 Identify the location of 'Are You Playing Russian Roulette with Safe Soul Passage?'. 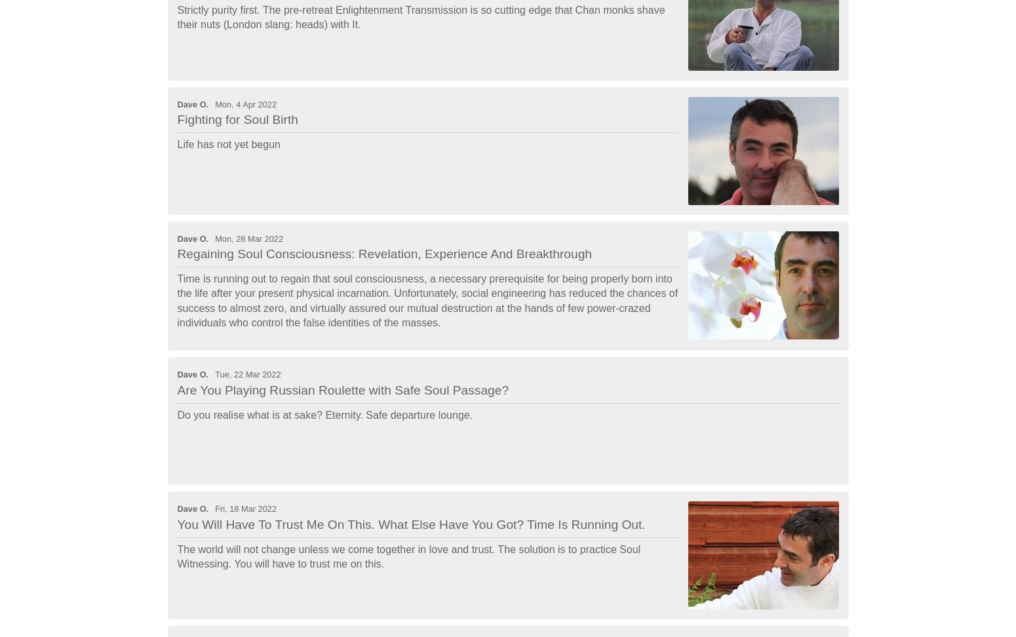
(342, 389).